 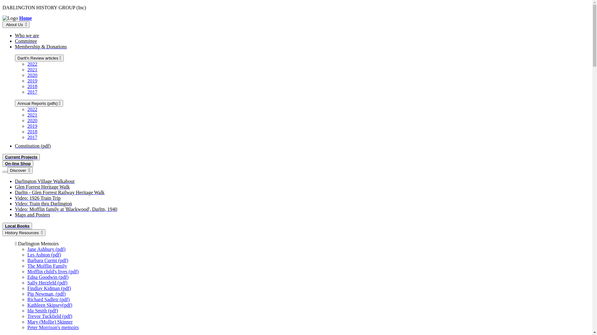 I want to click on 'Ida Smith (pdf)', so click(x=42, y=310).